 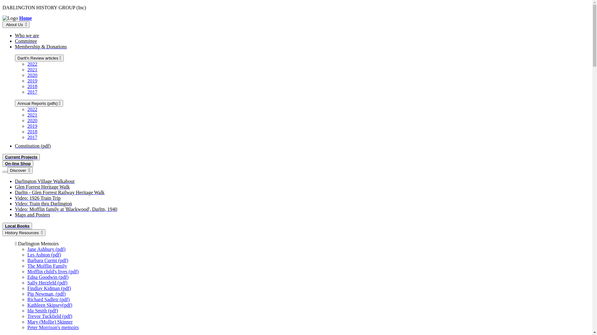 I want to click on 'Ida Smith (pdf)', so click(x=42, y=310).